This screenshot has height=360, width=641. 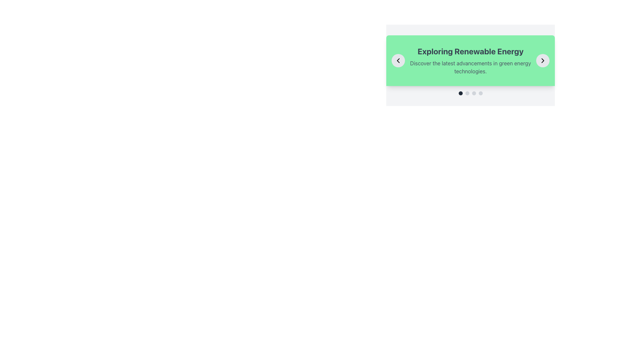 I want to click on text on the carousel slide which has a green background and contains the title 'Exploring Renewable Energy' and the subtitle 'Discover the latest advancements in green energy technologies.', so click(x=470, y=65).